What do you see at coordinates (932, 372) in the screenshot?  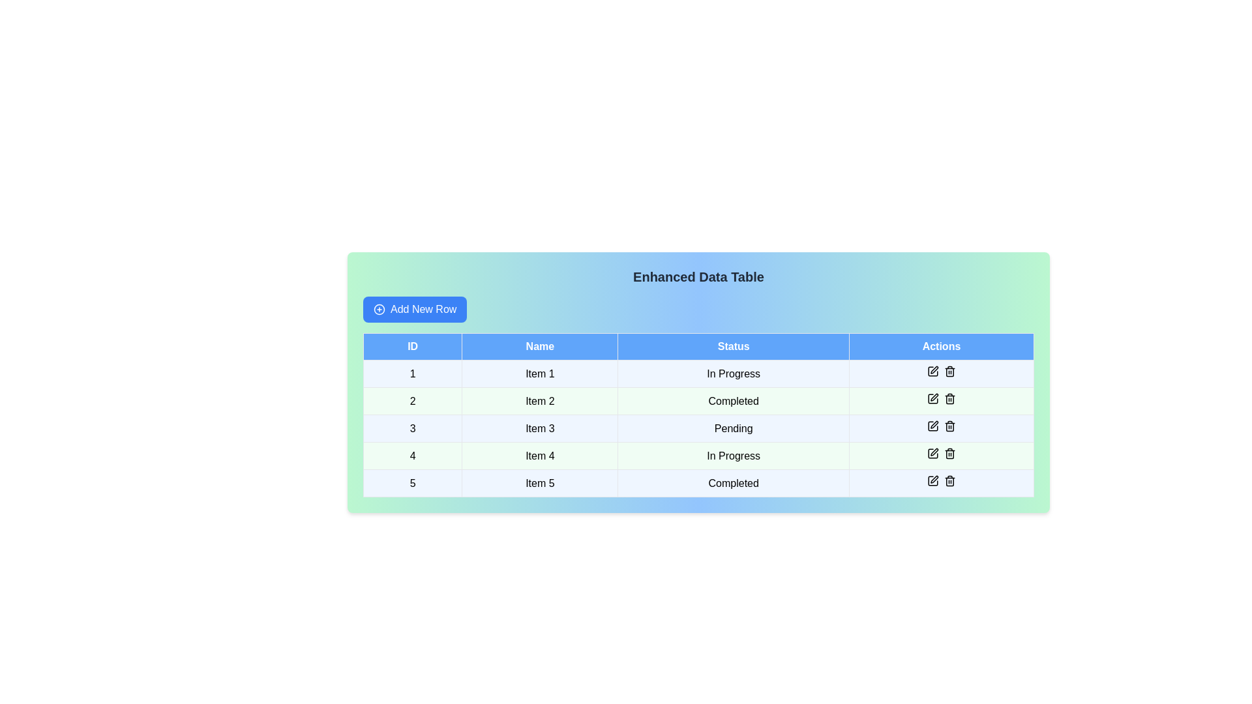 I see `the first icon button in the Actions column of the first row of the table to observe visual feedback` at bounding box center [932, 372].